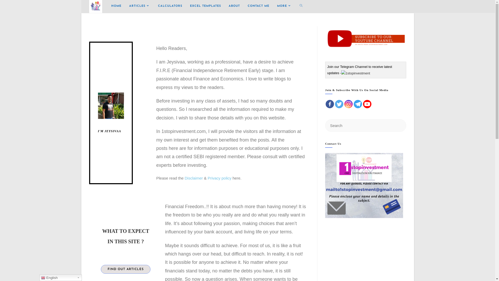 This screenshot has width=499, height=281. Describe the element at coordinates (258, 6) in the screenshot. I see `'CONTACT ME'` at that location.